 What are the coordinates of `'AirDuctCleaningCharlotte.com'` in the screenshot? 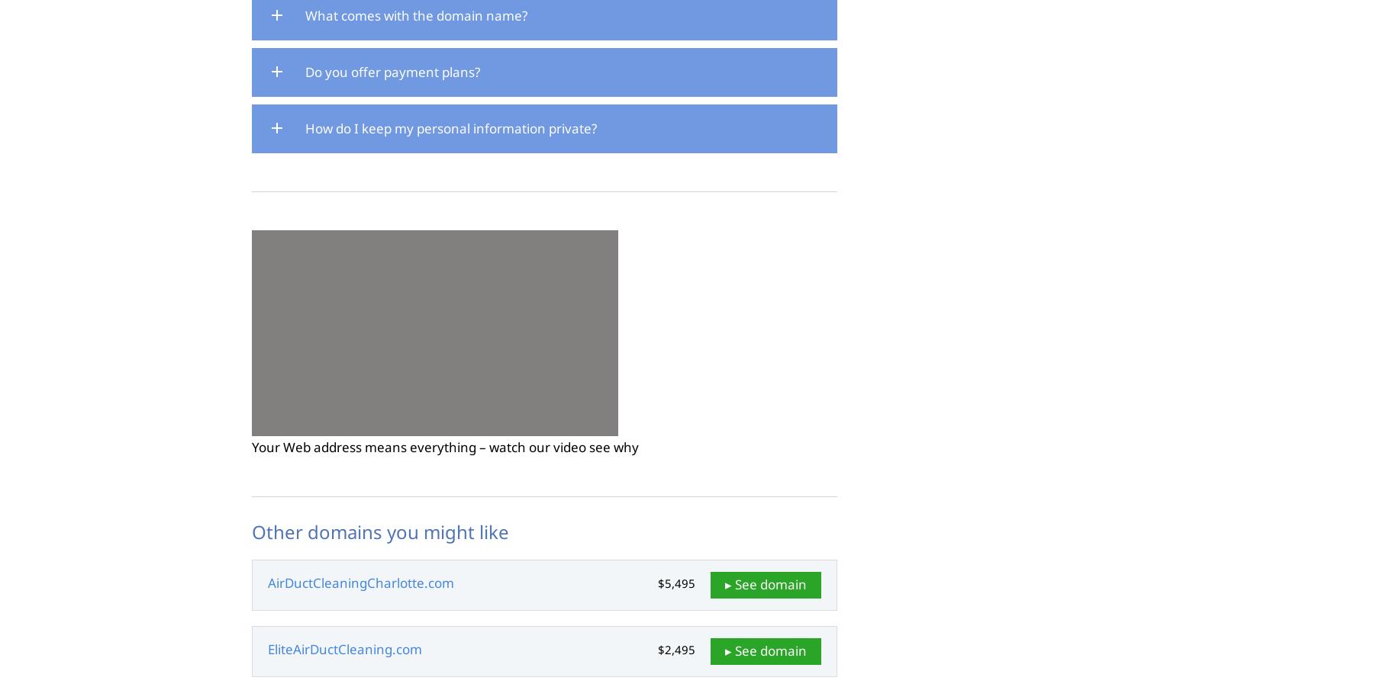 It's located at (359, 581).